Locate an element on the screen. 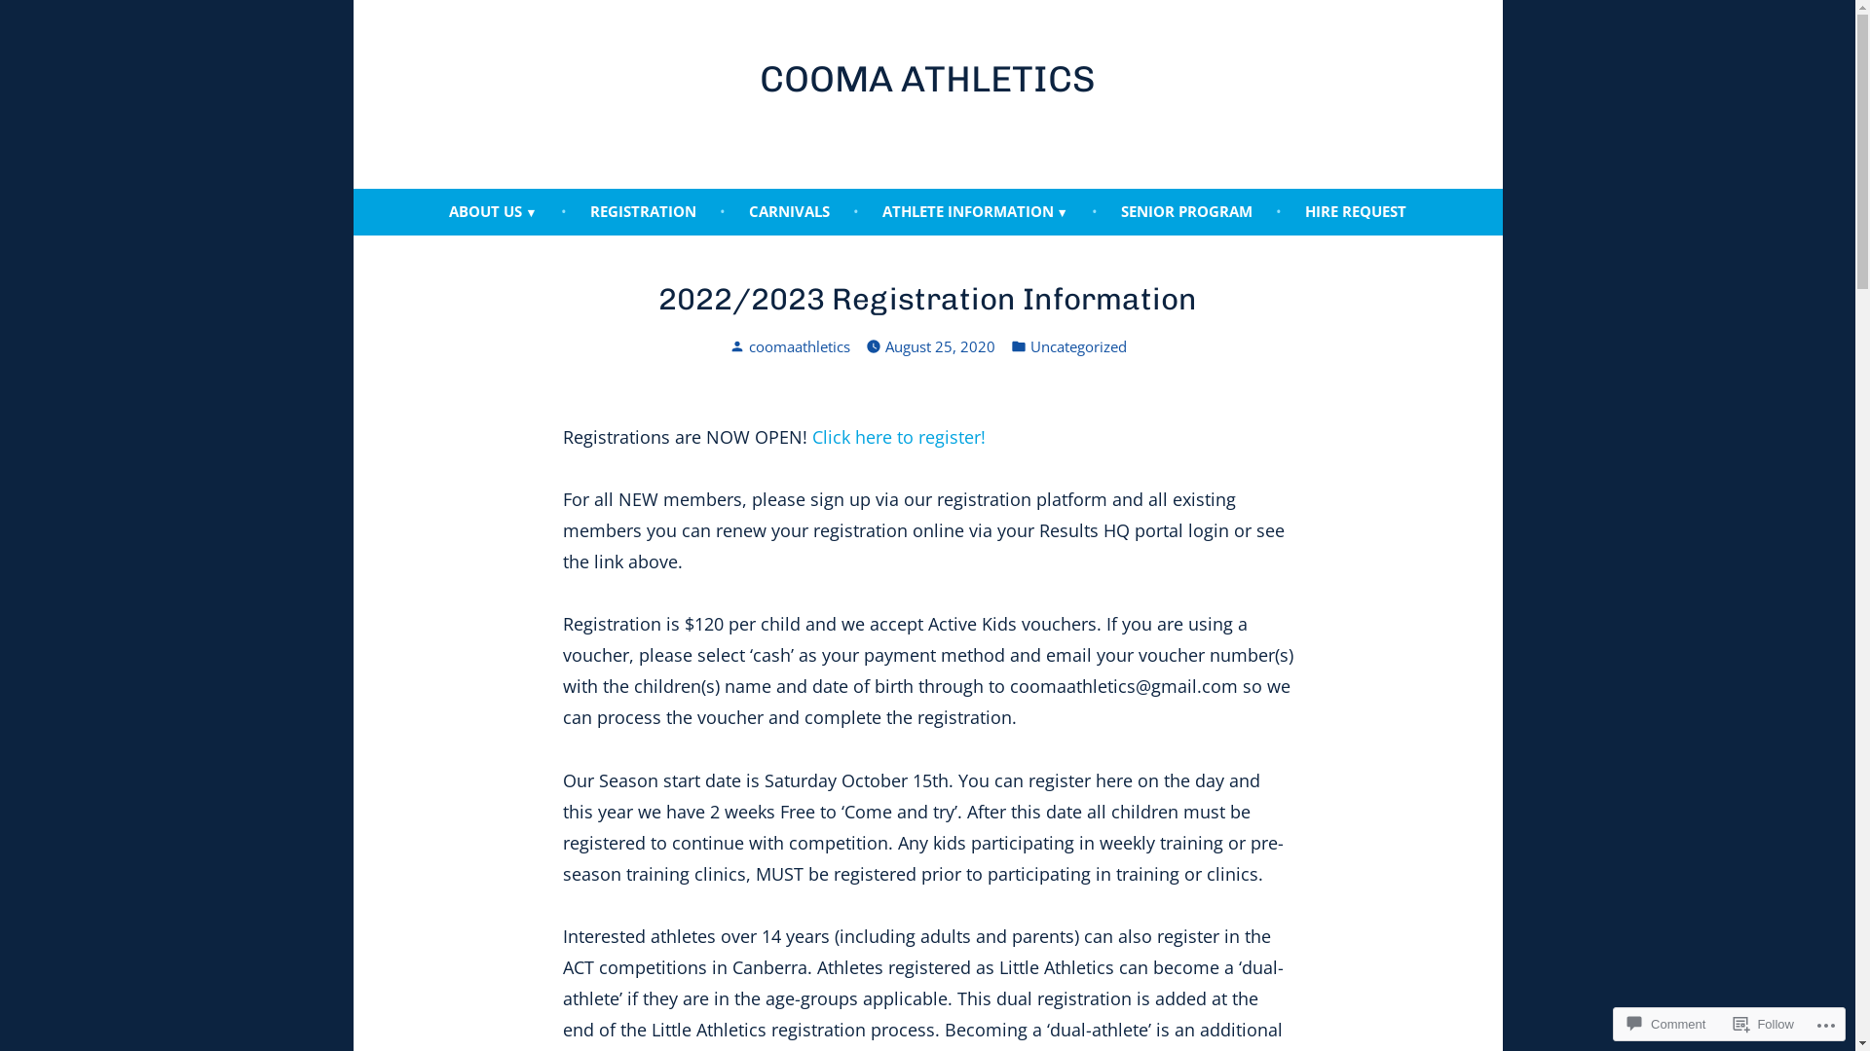  'REGISTRATION' is located at coordinates (574, 212).